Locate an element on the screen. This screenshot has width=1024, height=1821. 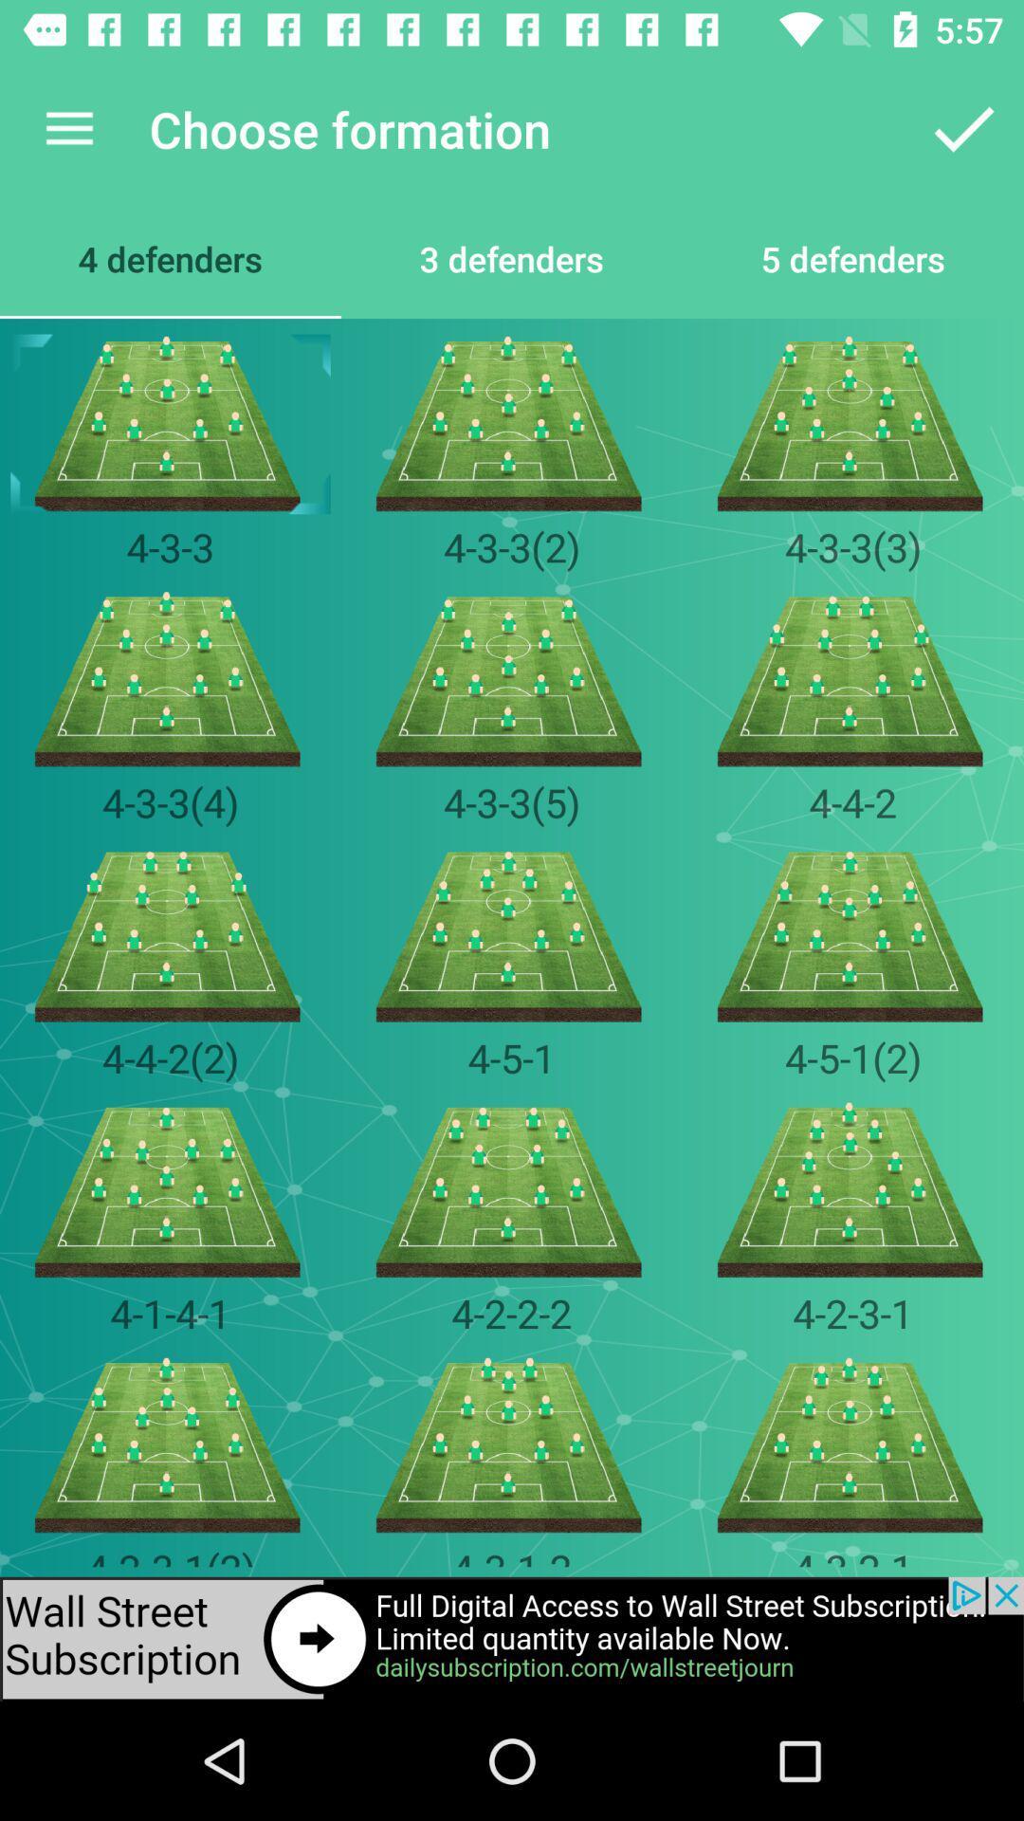
advertisement for subscription is located at coordinates (512, 1638).